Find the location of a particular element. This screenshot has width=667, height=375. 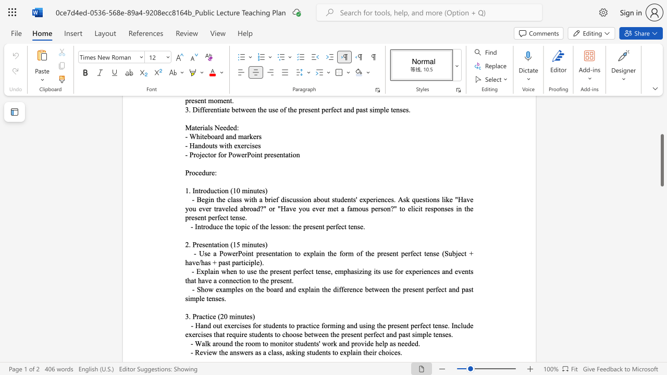

the scrollbar and move down 900 pixels is located at coordinates (661, 160).